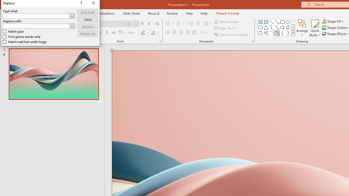 This screenshot has height=196, width=349. Describe the element at coordinates (88, 26) in the screenshot. I see `'Replace'` at that location.